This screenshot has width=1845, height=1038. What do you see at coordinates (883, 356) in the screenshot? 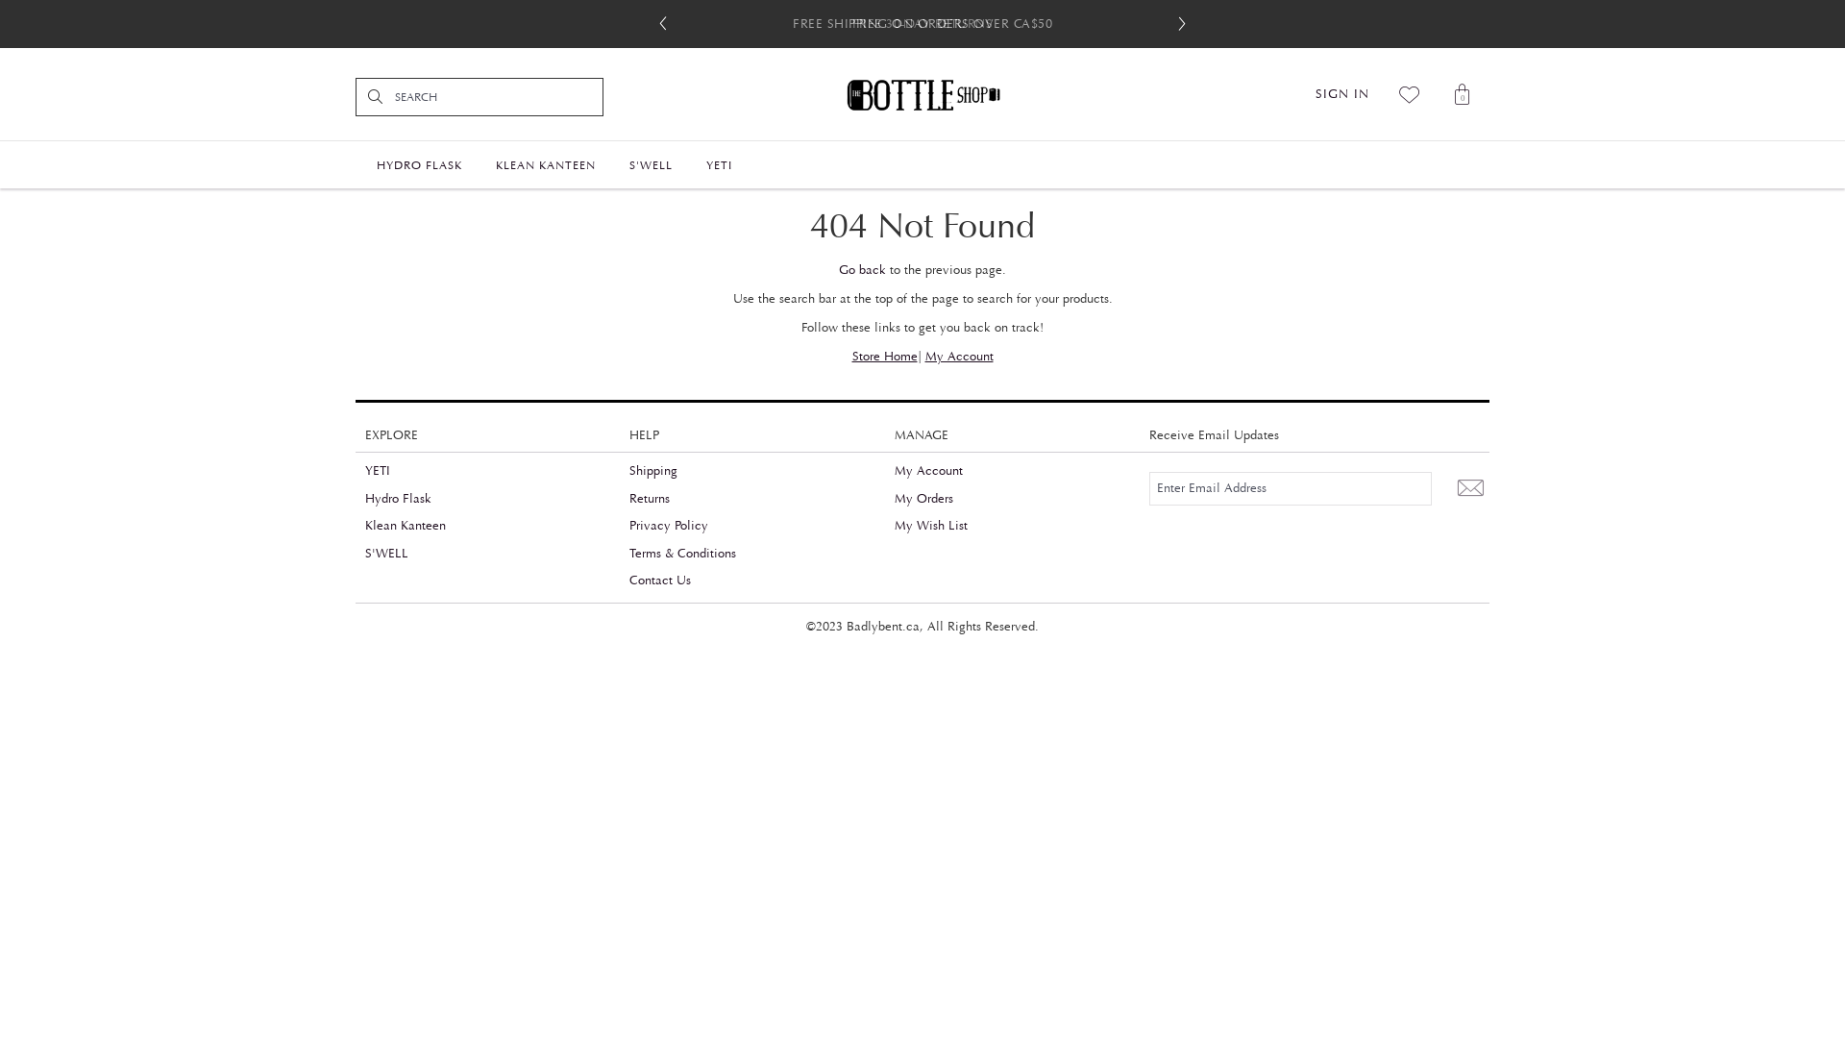
I see `'Store Home'` at bounding box center [883, 356].